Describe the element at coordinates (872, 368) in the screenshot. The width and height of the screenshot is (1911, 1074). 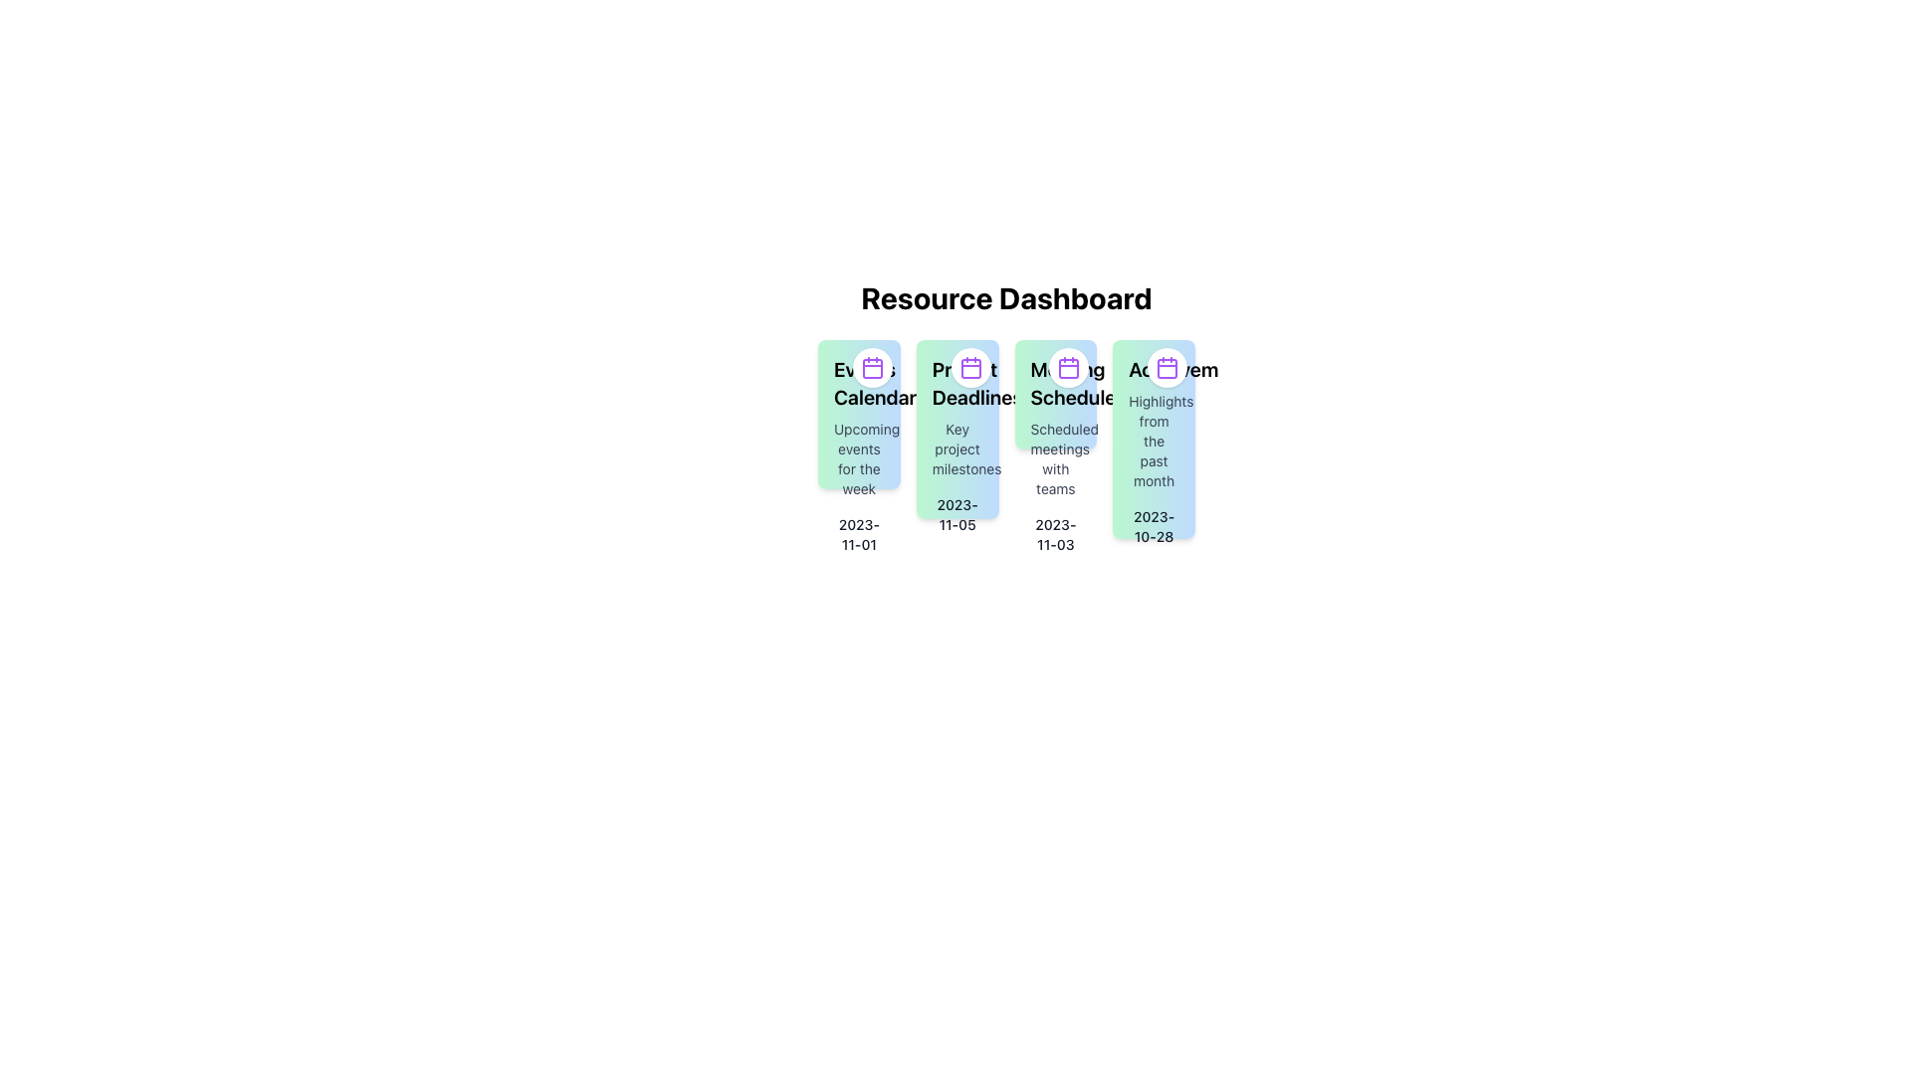
I see `the calendar icon button located in the top-right corner of the 'Events Calendar' card` at that location.